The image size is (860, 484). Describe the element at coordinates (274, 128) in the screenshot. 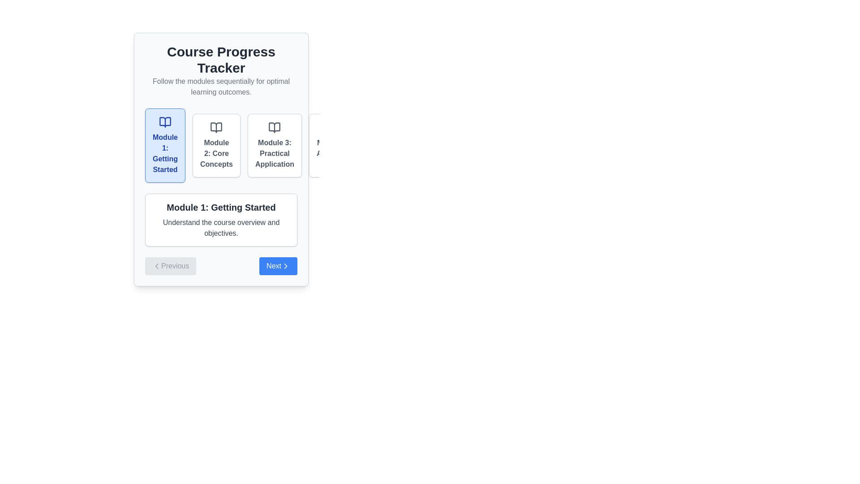

I see `the decorative icon representing 'Module 3: Practical Application' located at the top of the card for this module` at that location.